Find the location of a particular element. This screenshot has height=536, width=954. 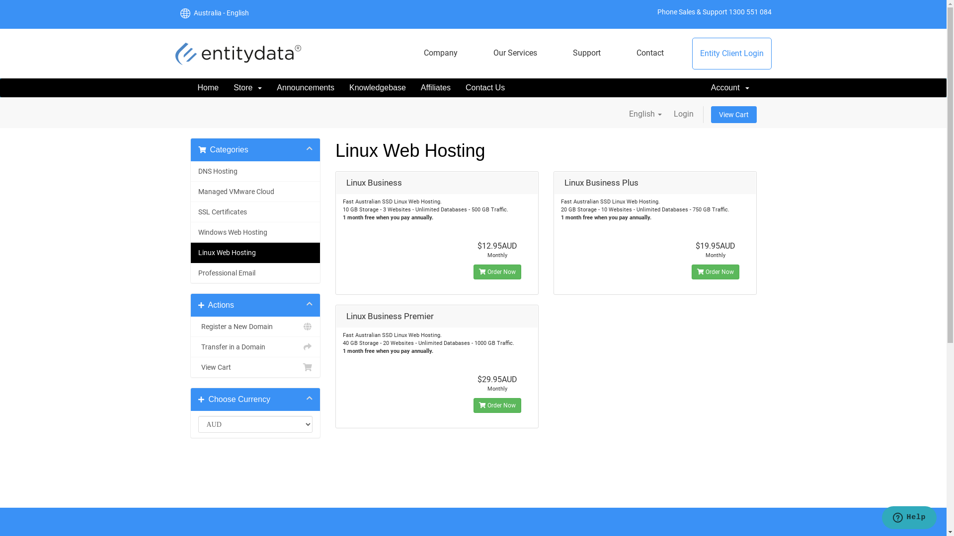

'Home' is located at coordinates (207, 87).